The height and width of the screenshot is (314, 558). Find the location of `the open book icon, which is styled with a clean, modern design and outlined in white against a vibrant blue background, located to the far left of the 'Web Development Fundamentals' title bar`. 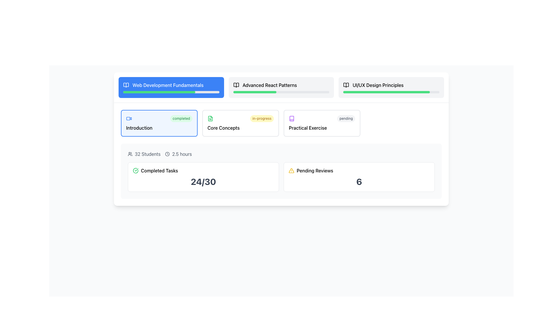

the open book icon, which is styled with a clean, modern design and outlined in white against a vibrant blue background, located to the far left of the 'Web Development Fundamentals' title bar is located at coordinates (126, 85).